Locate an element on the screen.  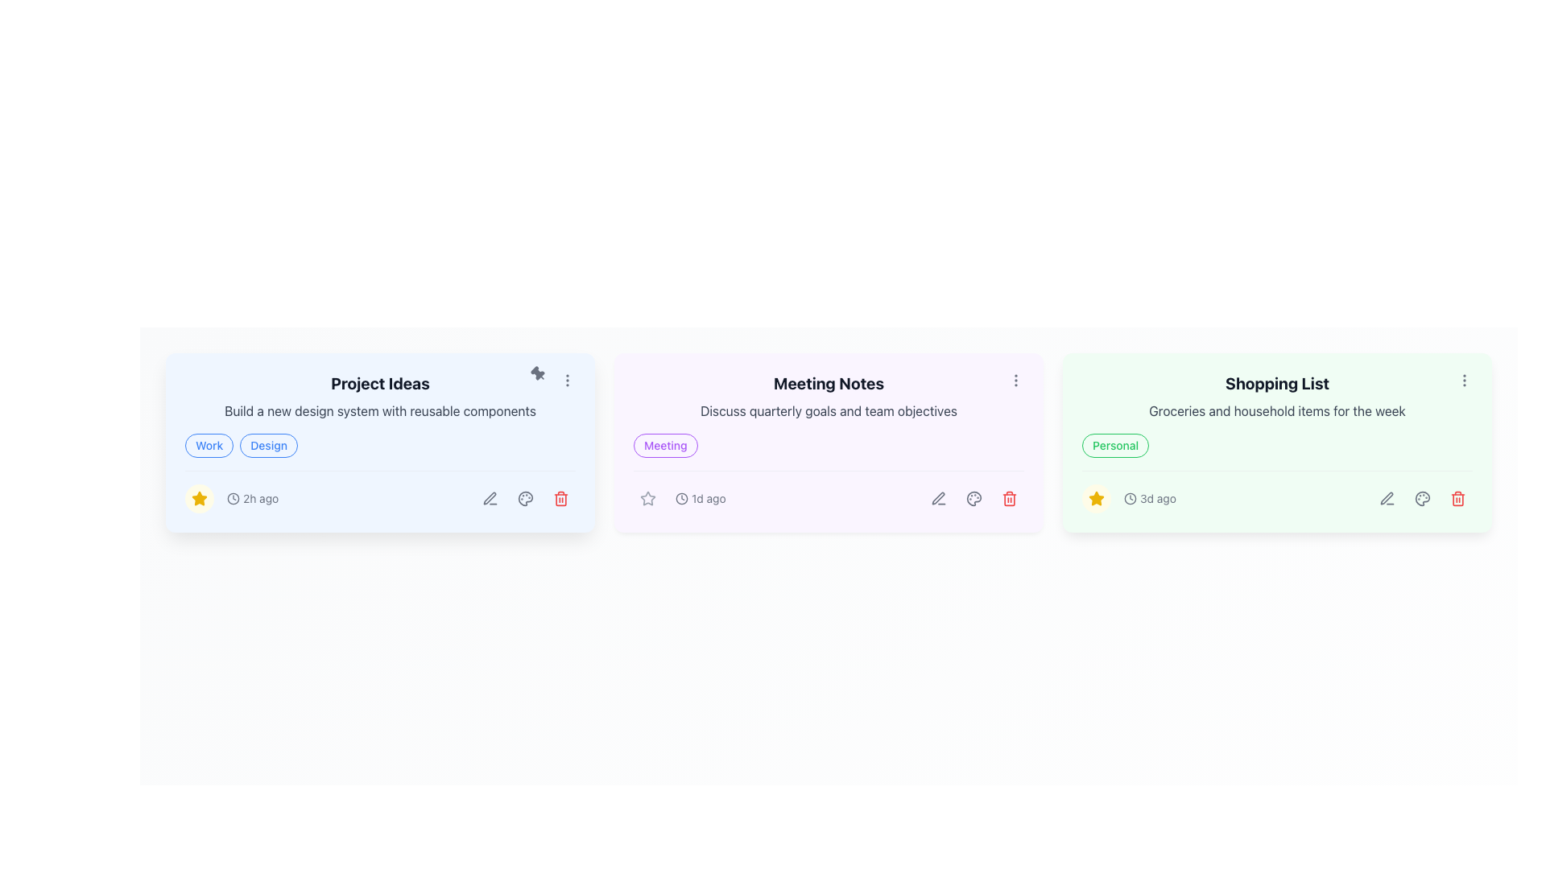
the timestamp label displaying '1d ago' located in the lower-left section of the 'Meeting Notes' card, adjacent to the star icon is located at coordinates (680, 498).